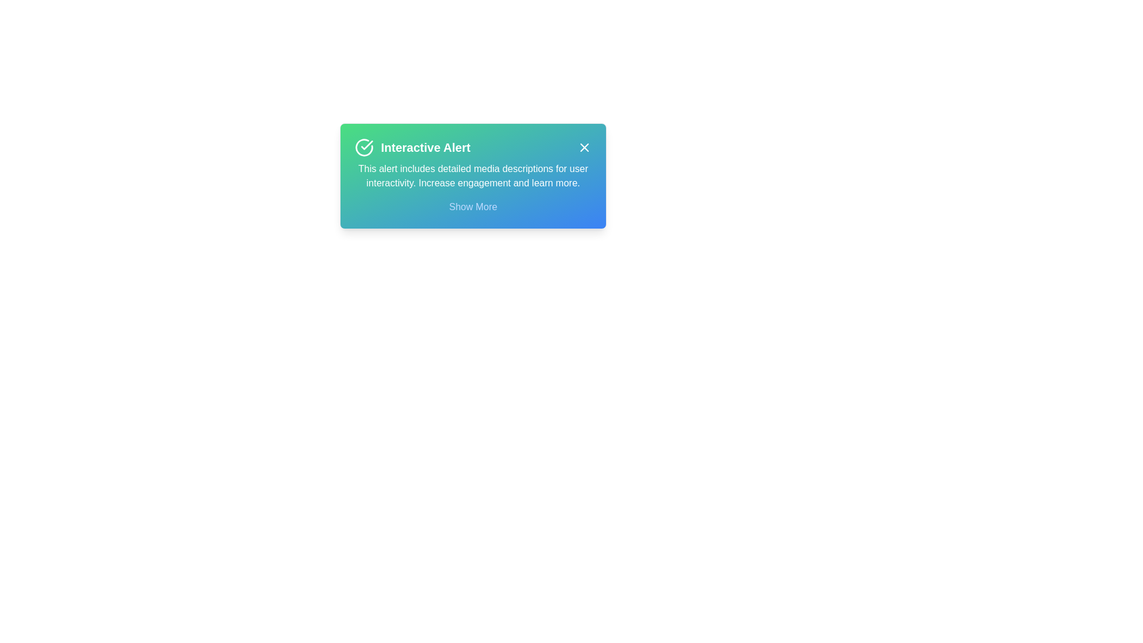 The width and height of the screenshot is (1143, 643). Describe the element at coordinates (473, 176) in the screenshot. I see `the notification area to focus on it` at that location.